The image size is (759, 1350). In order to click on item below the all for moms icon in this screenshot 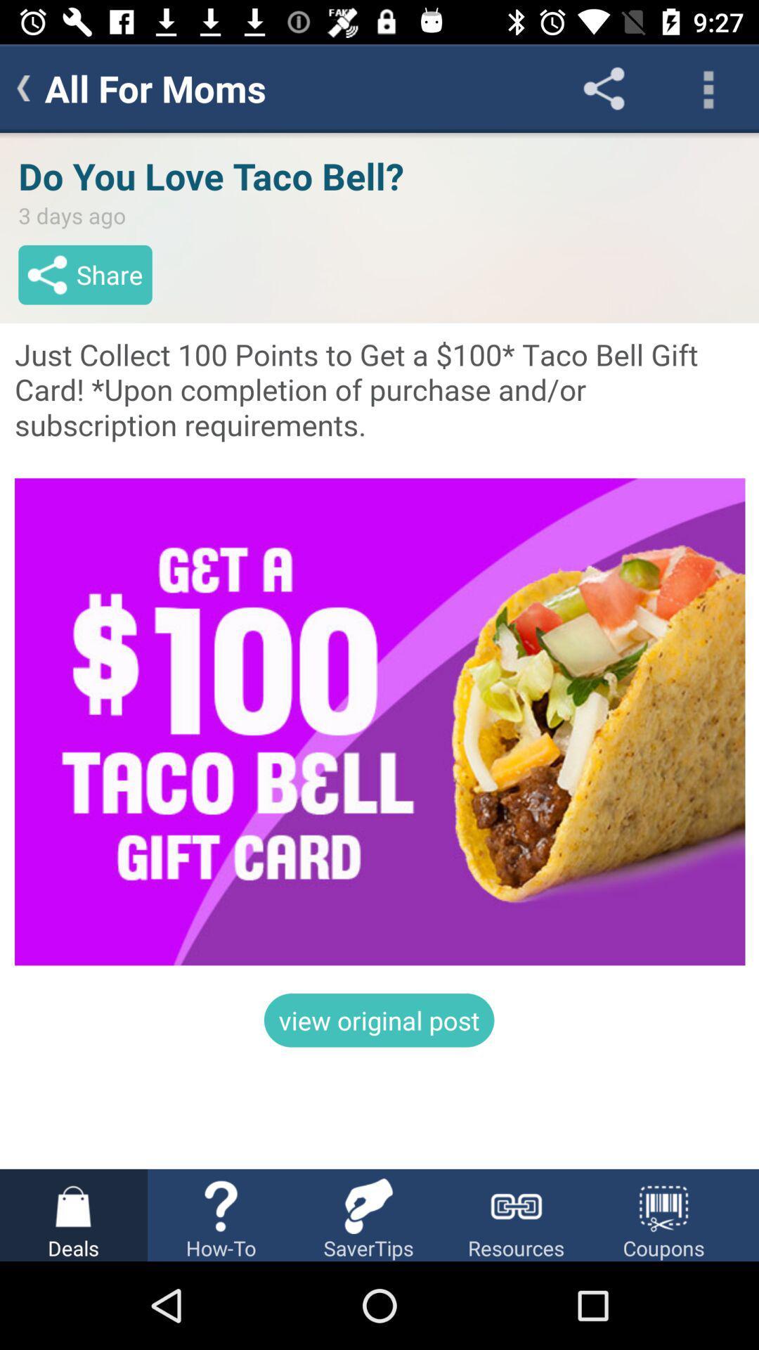, I will do `click(379, 650)`.